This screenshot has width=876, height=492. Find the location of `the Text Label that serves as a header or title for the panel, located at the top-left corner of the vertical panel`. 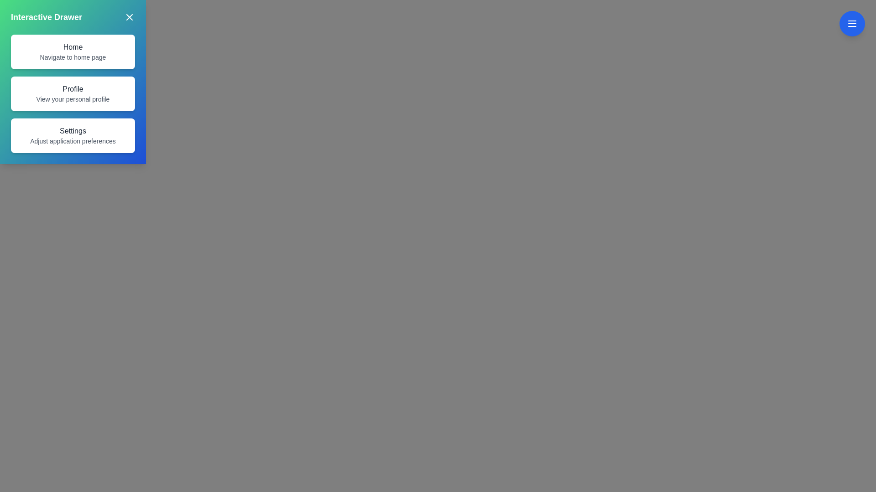

the Text Label that serves as a header or title for the panel, located at the top-left corner of the vertical panel is located at coordinates (46, 17).